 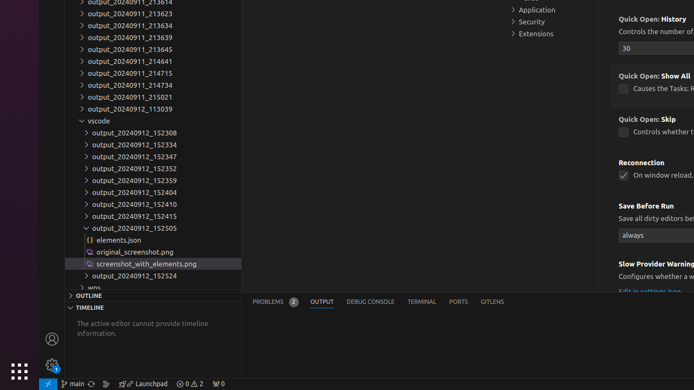 What do you see at coordinates (152, 192) in the screenshot?
I see `'output_20240912_152404'` at bounding box center [152, 192].